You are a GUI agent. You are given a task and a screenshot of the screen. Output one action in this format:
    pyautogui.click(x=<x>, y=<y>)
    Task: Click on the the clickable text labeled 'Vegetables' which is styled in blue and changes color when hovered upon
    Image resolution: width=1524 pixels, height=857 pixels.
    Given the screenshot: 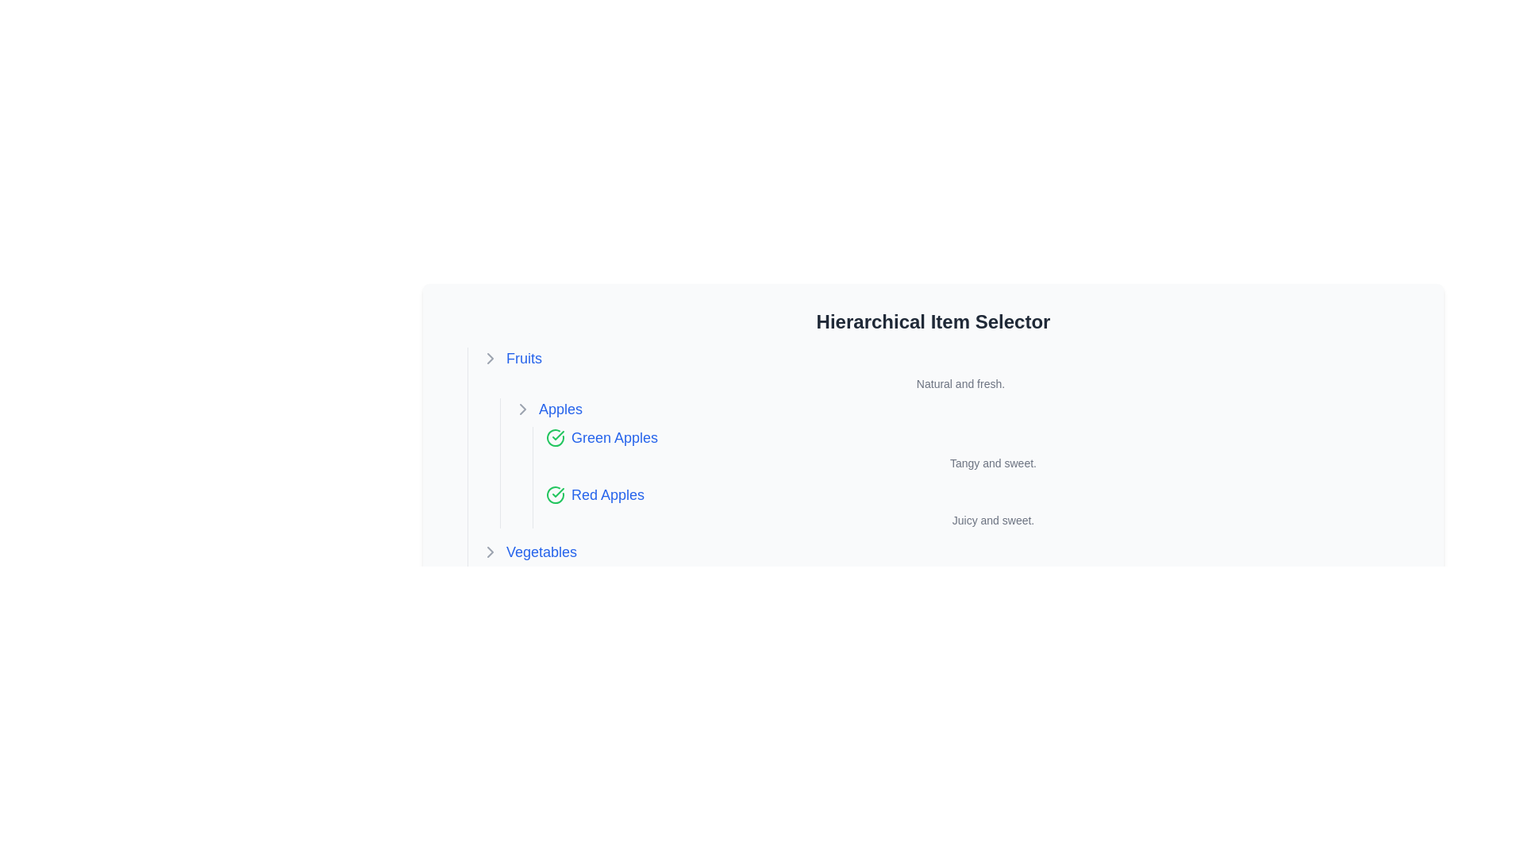 What is the action you would take?
    pyautogui.click(x=541, y=551)
    